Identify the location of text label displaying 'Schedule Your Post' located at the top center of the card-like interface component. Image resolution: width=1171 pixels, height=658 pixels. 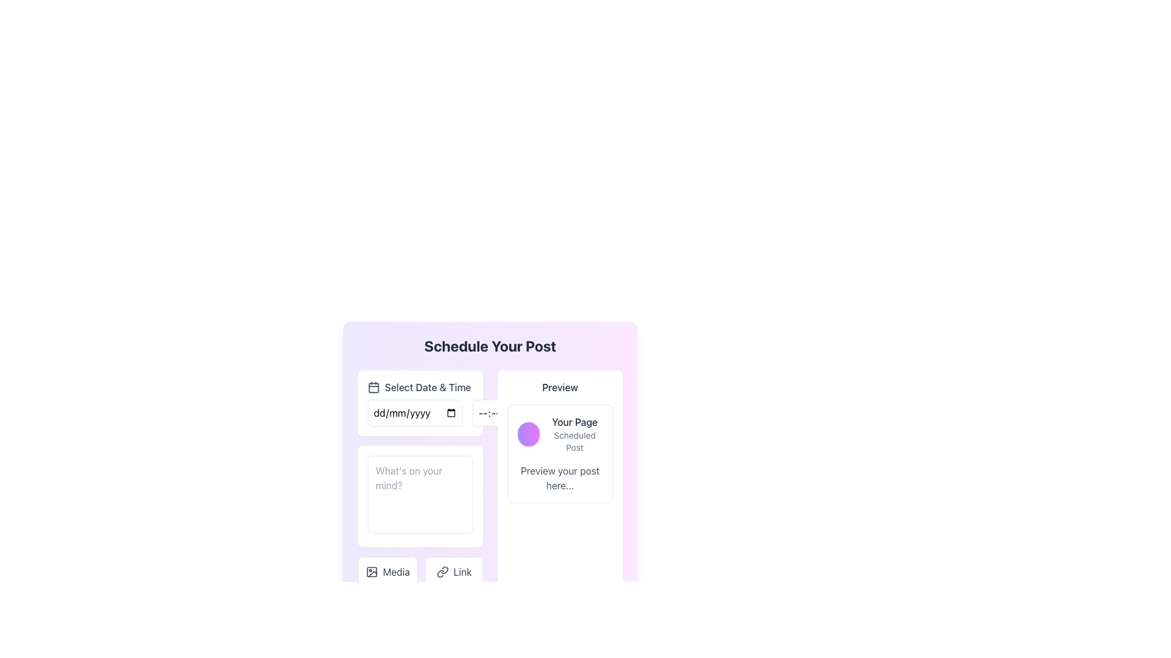
(490, 345).